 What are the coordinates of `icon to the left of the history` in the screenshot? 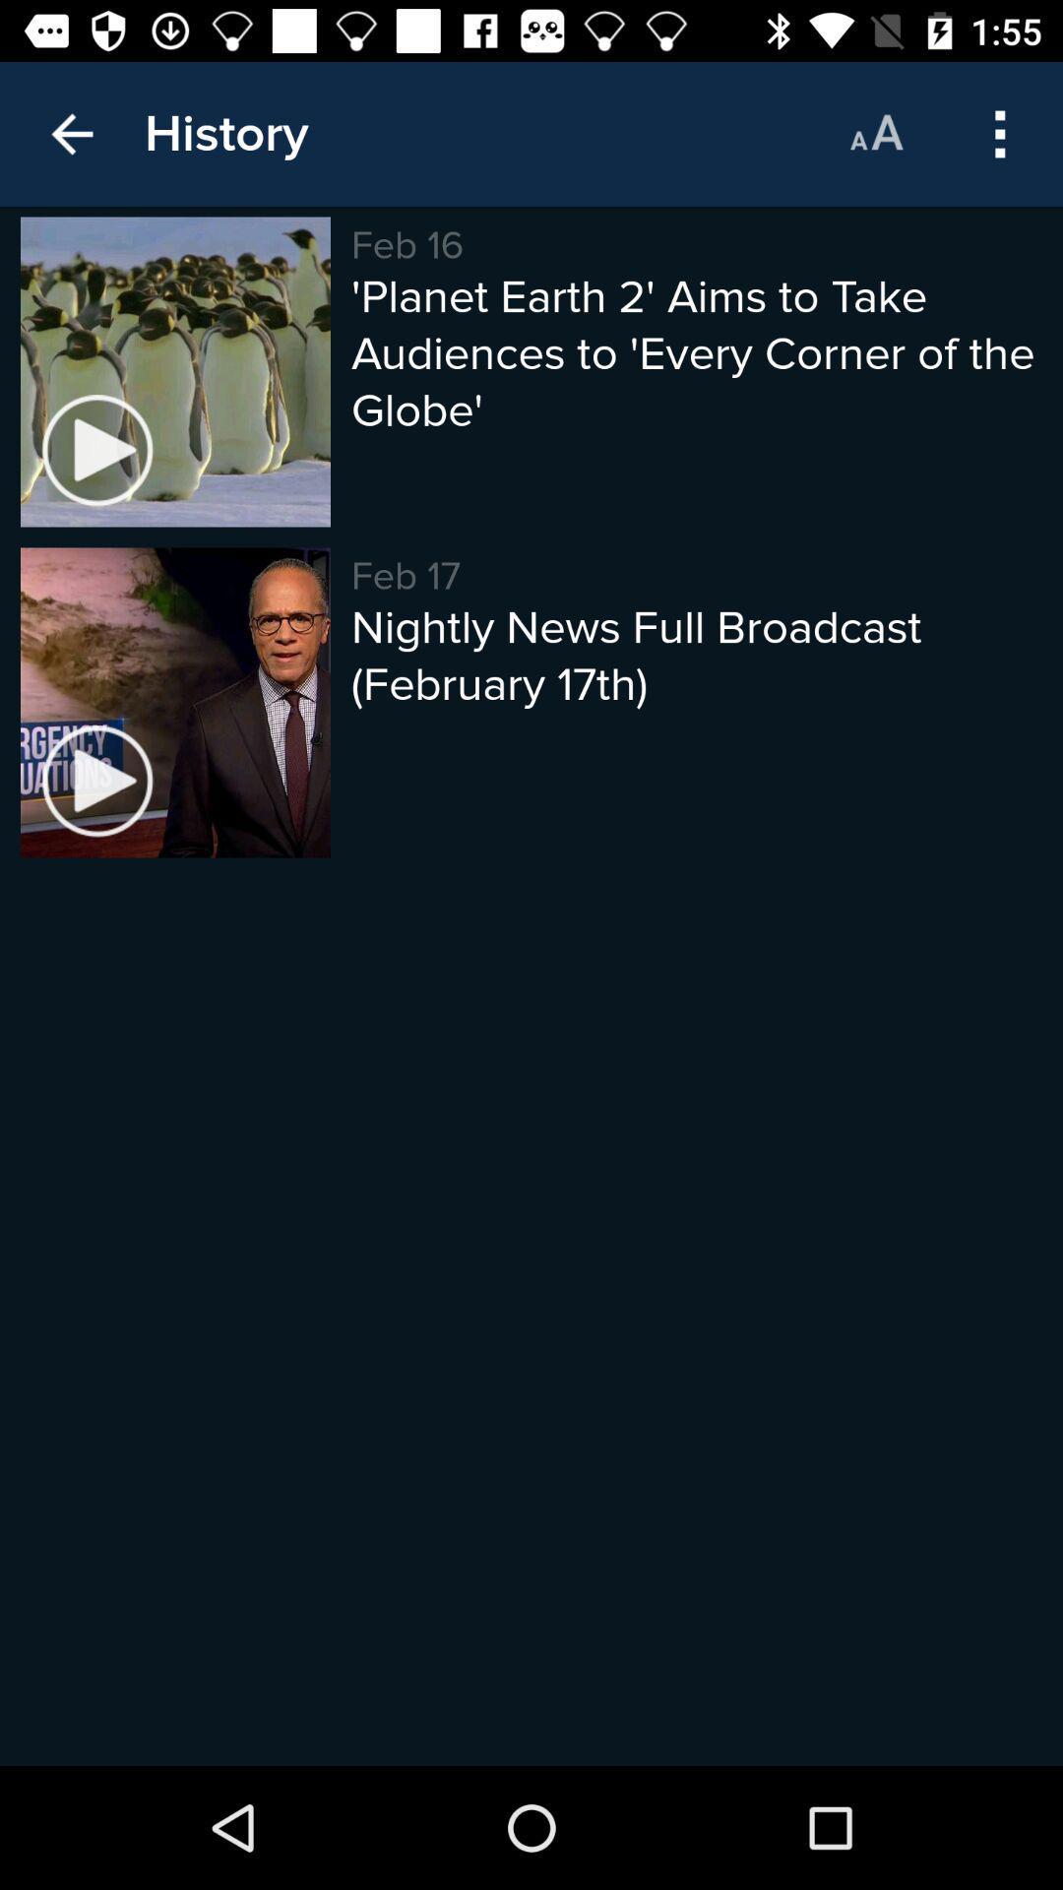 It's located at (71, 133).